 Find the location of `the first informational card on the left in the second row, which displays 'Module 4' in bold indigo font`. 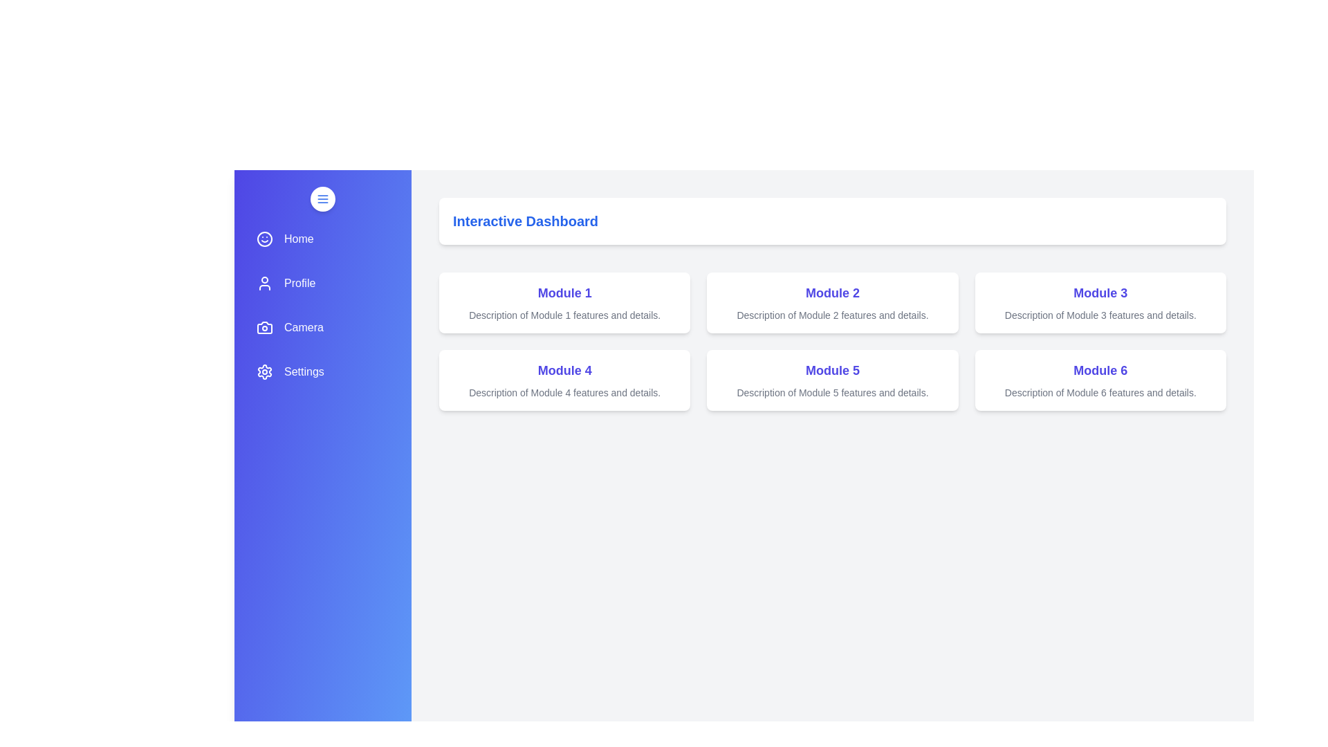

the first informational card on the left in the second row, which displays 'Module 4' in bold indigo font is located at coordinates (564, 380).